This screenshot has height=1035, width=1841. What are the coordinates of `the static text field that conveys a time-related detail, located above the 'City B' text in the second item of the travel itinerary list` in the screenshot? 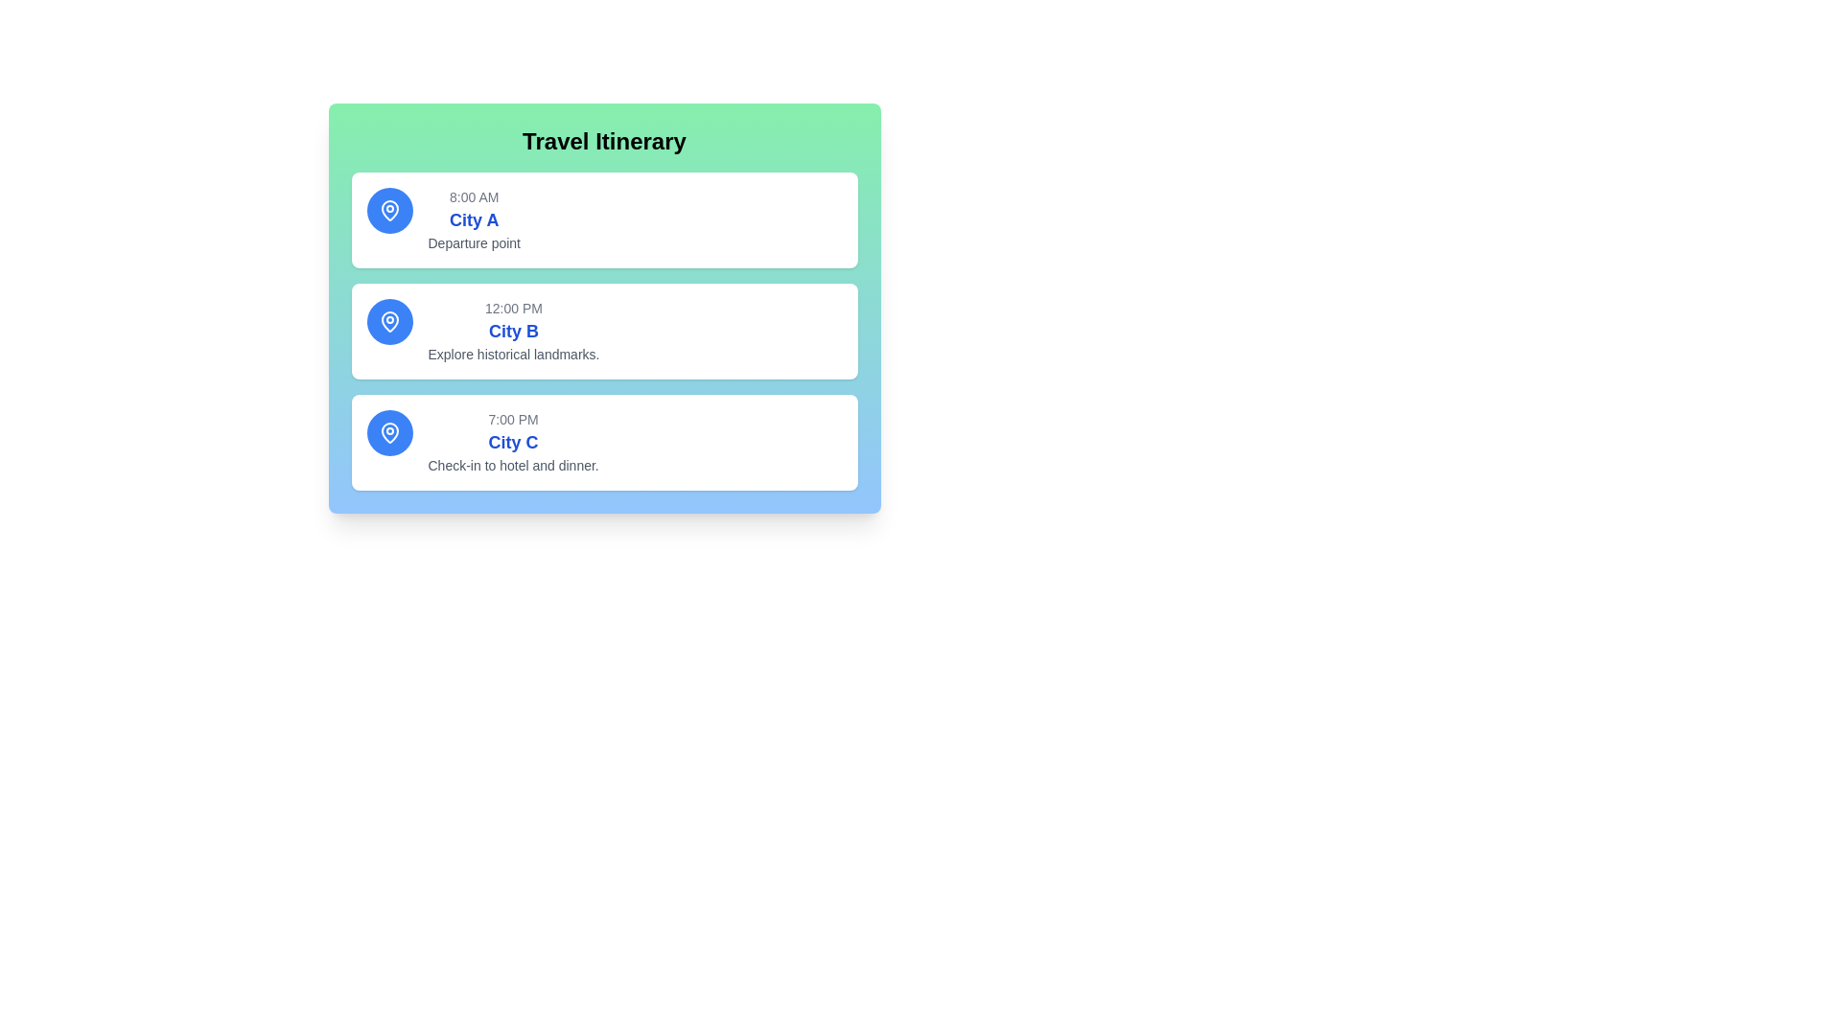 It's located at (514, 307).